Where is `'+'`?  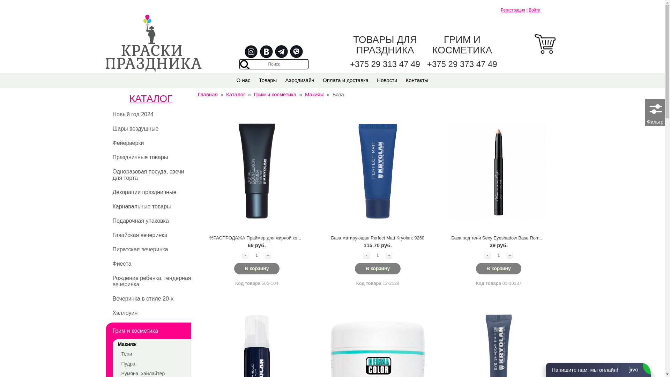 '+' is located at coordinates (268, 255).